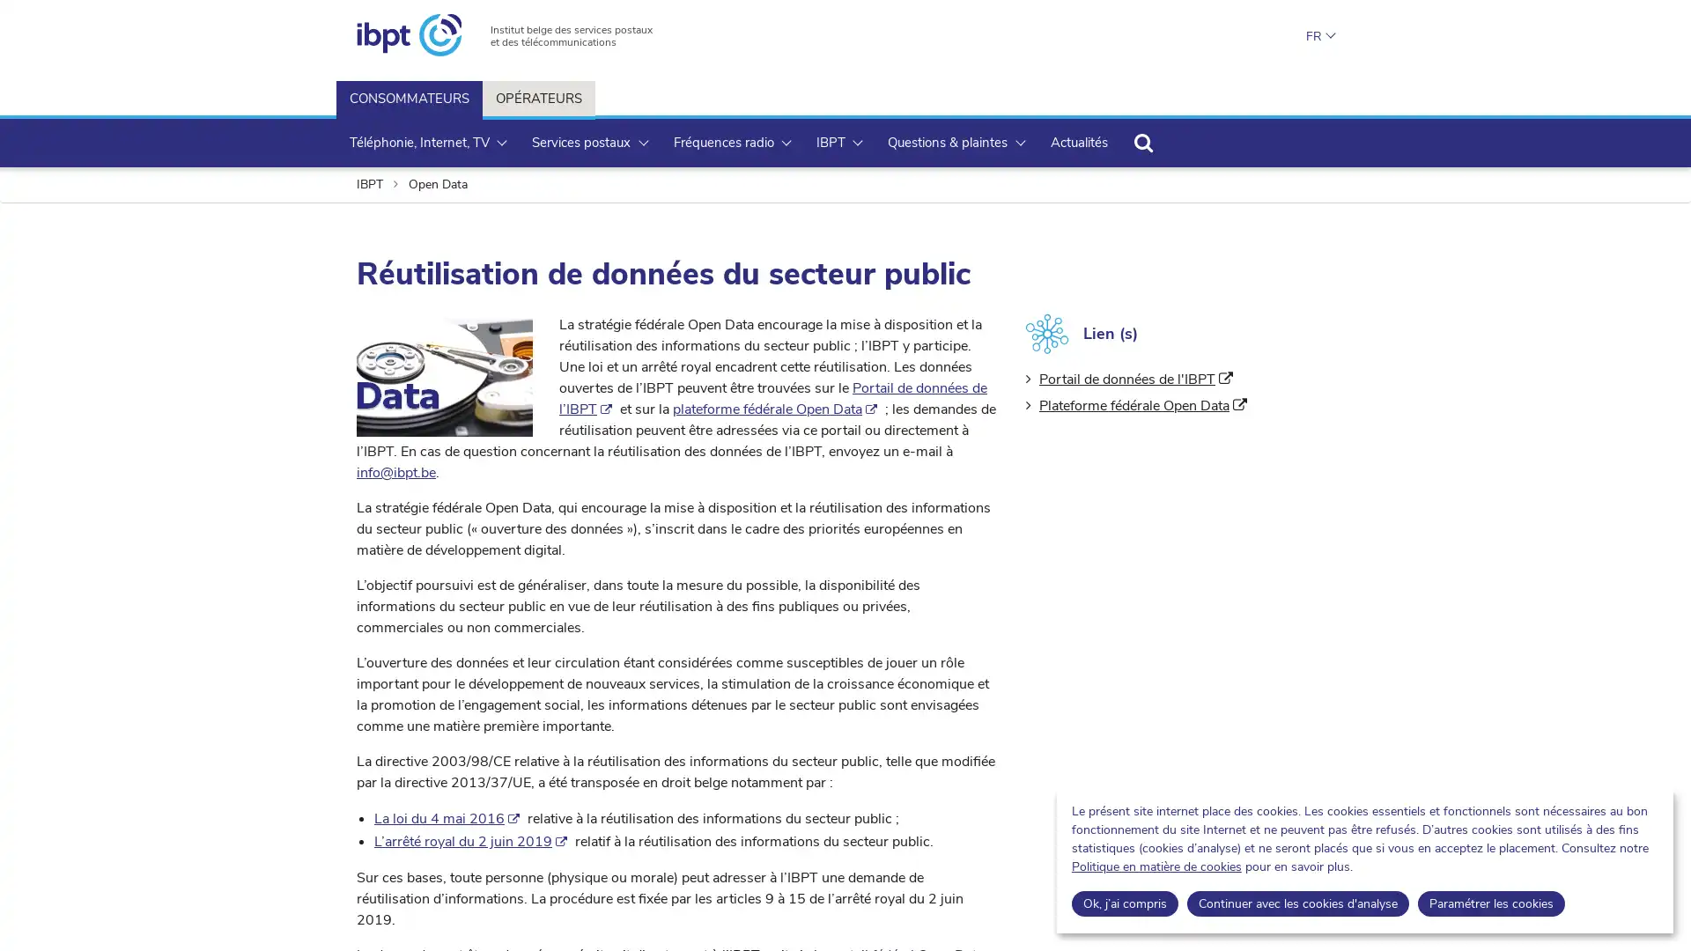  Describe the element at coordinates (731, 142) in the screenshot. I see `Frequences radio` at that location.